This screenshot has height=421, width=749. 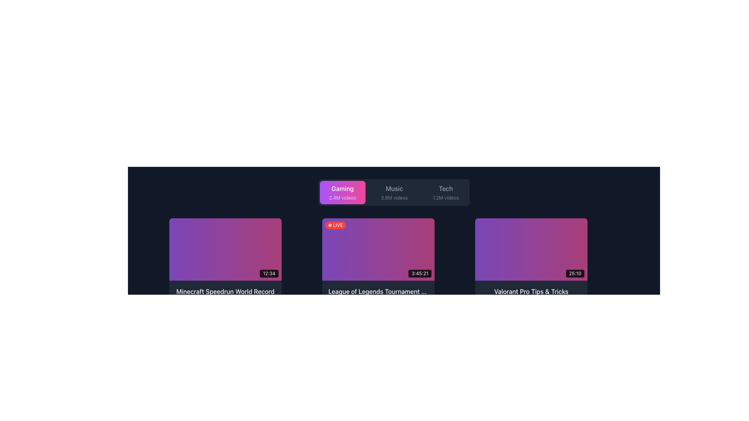 I want to click on text content of the Text label element displaying 'Tech' and '1.2M videos', which is the third in a group of three elements aligned horizontally, so click(x=445, y=192).